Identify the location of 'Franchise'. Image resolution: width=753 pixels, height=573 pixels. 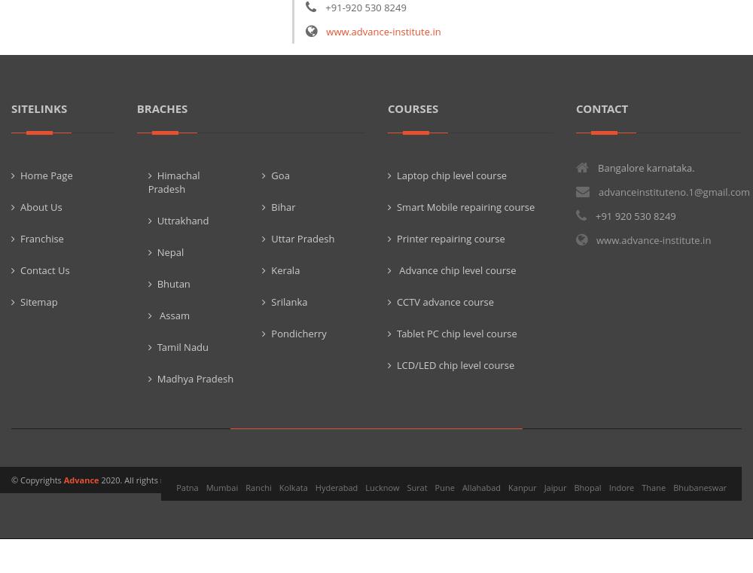
(41, 236).